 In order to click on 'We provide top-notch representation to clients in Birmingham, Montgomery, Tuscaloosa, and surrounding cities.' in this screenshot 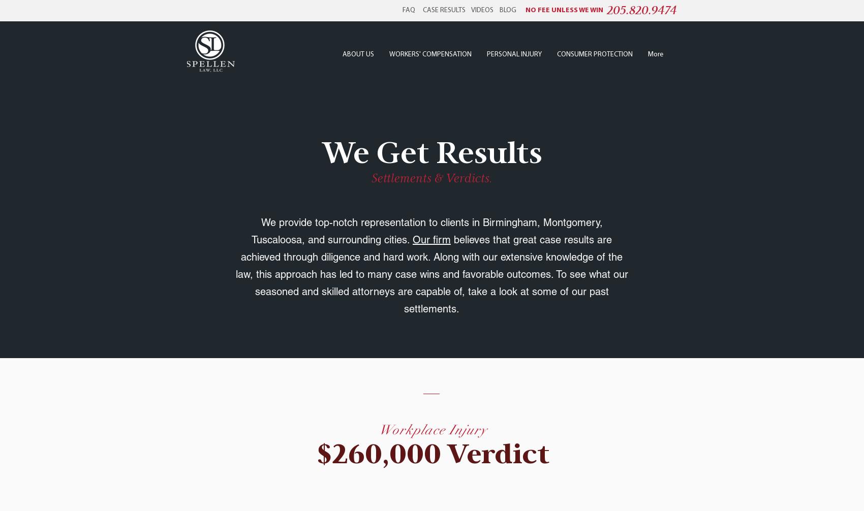, I will do `click(426, 231)`.